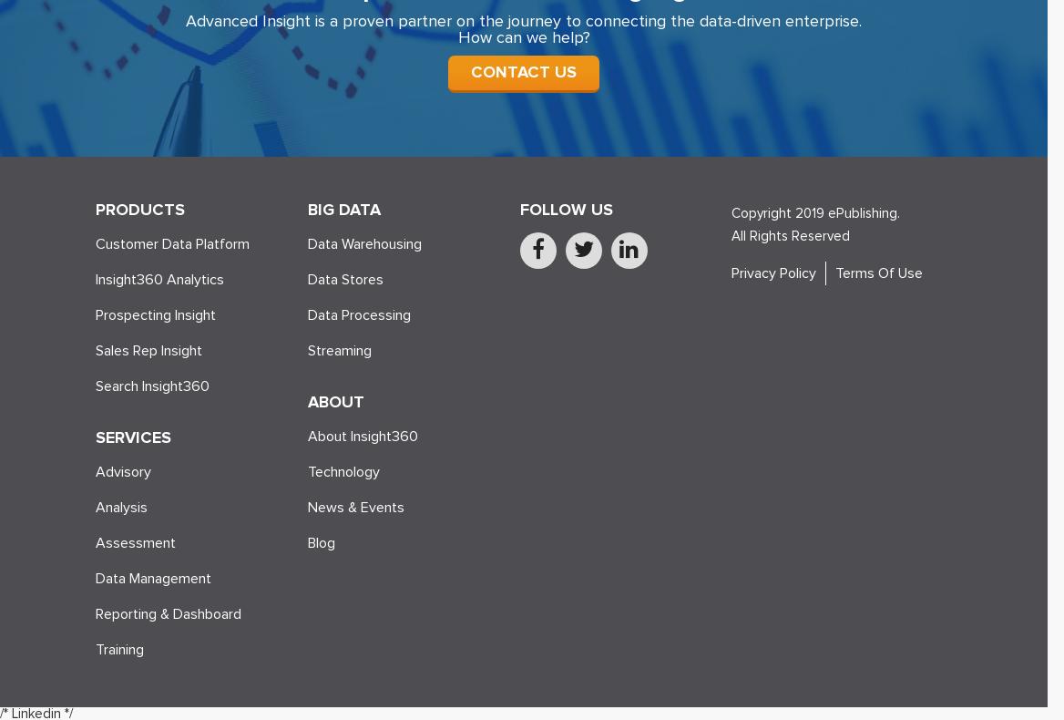  What do you see at coordinates (95, 470) in the screenshot?
I see `'Advisory'` at bounding box center [95, 470].